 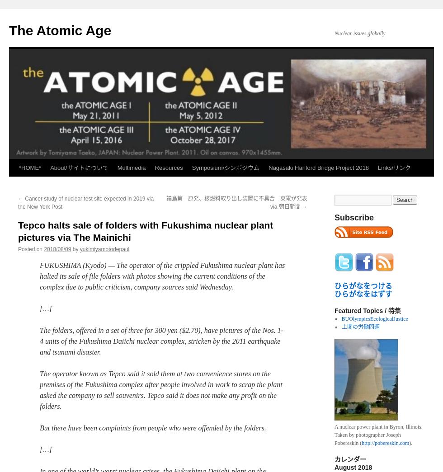 I want to click on 'FUKUSHIMA (Kyodo) — The operator of the crippled Fukushima nuclear plant has halted its sale of file folders with photos showing the current conditions of the complex due to public criticism, company sources said Wednesday.', so click(x=162, y=275).